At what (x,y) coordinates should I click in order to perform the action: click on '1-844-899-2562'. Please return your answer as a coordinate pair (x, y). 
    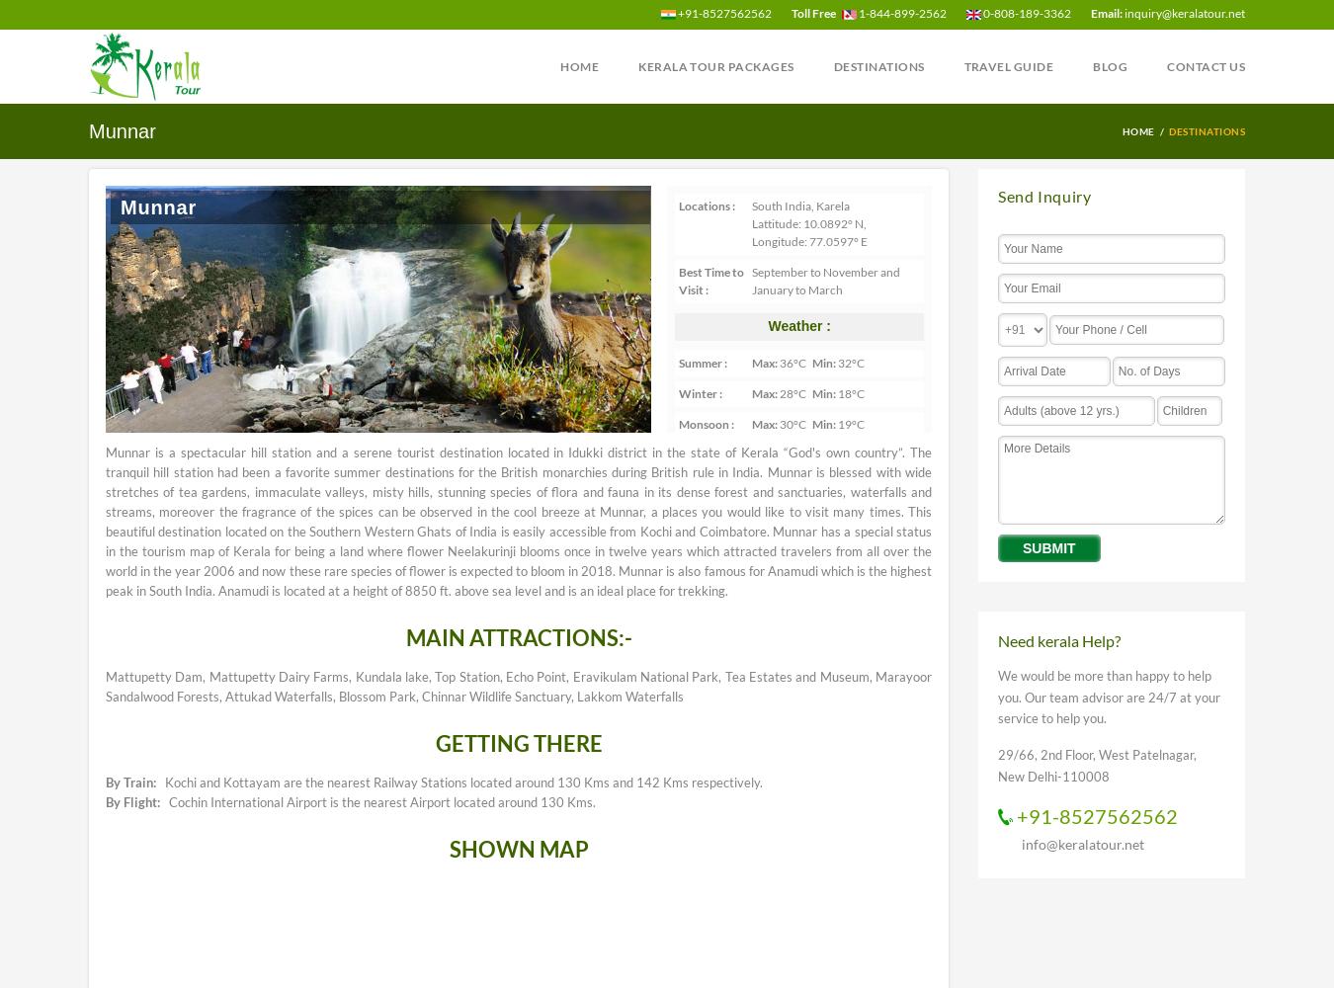
    Looking at the image, I should click on (900, 13).